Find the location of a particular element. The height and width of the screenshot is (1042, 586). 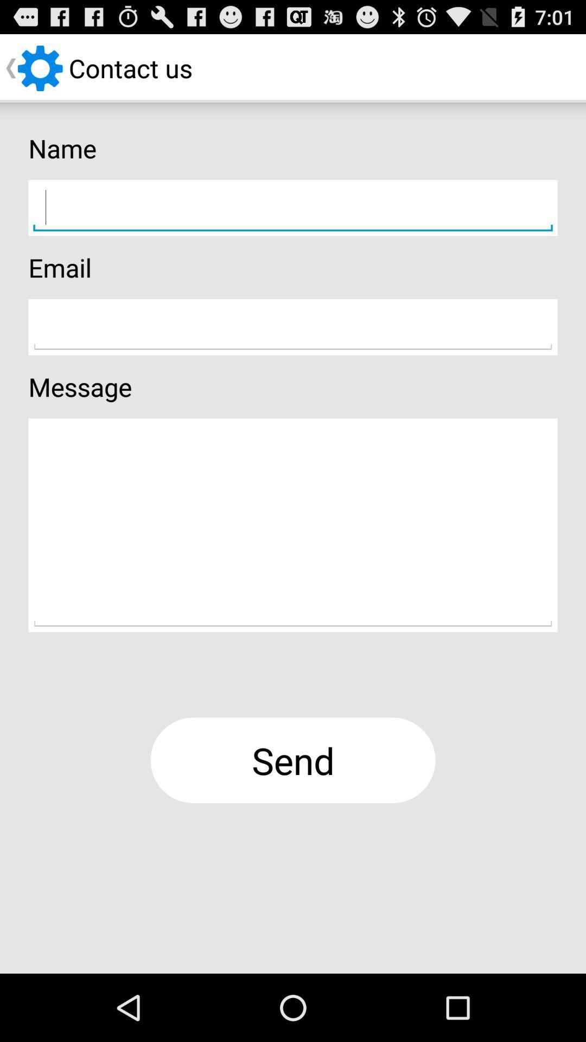

name is located at coordinates (293, 208).